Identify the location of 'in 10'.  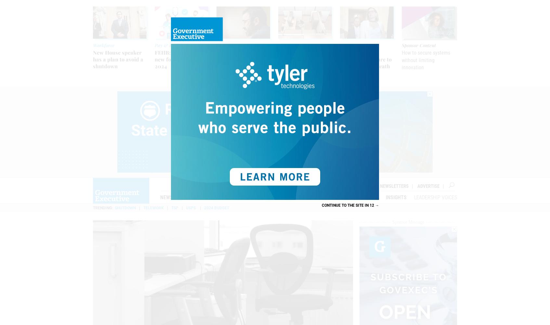
(363, 205).